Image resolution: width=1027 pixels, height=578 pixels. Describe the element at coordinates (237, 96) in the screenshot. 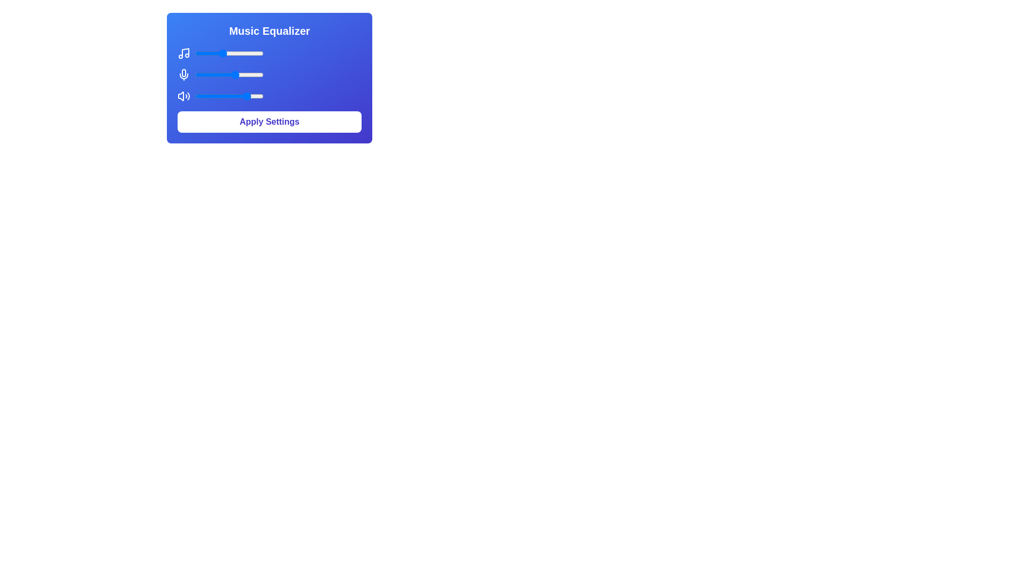

I see `the volume` at that location.